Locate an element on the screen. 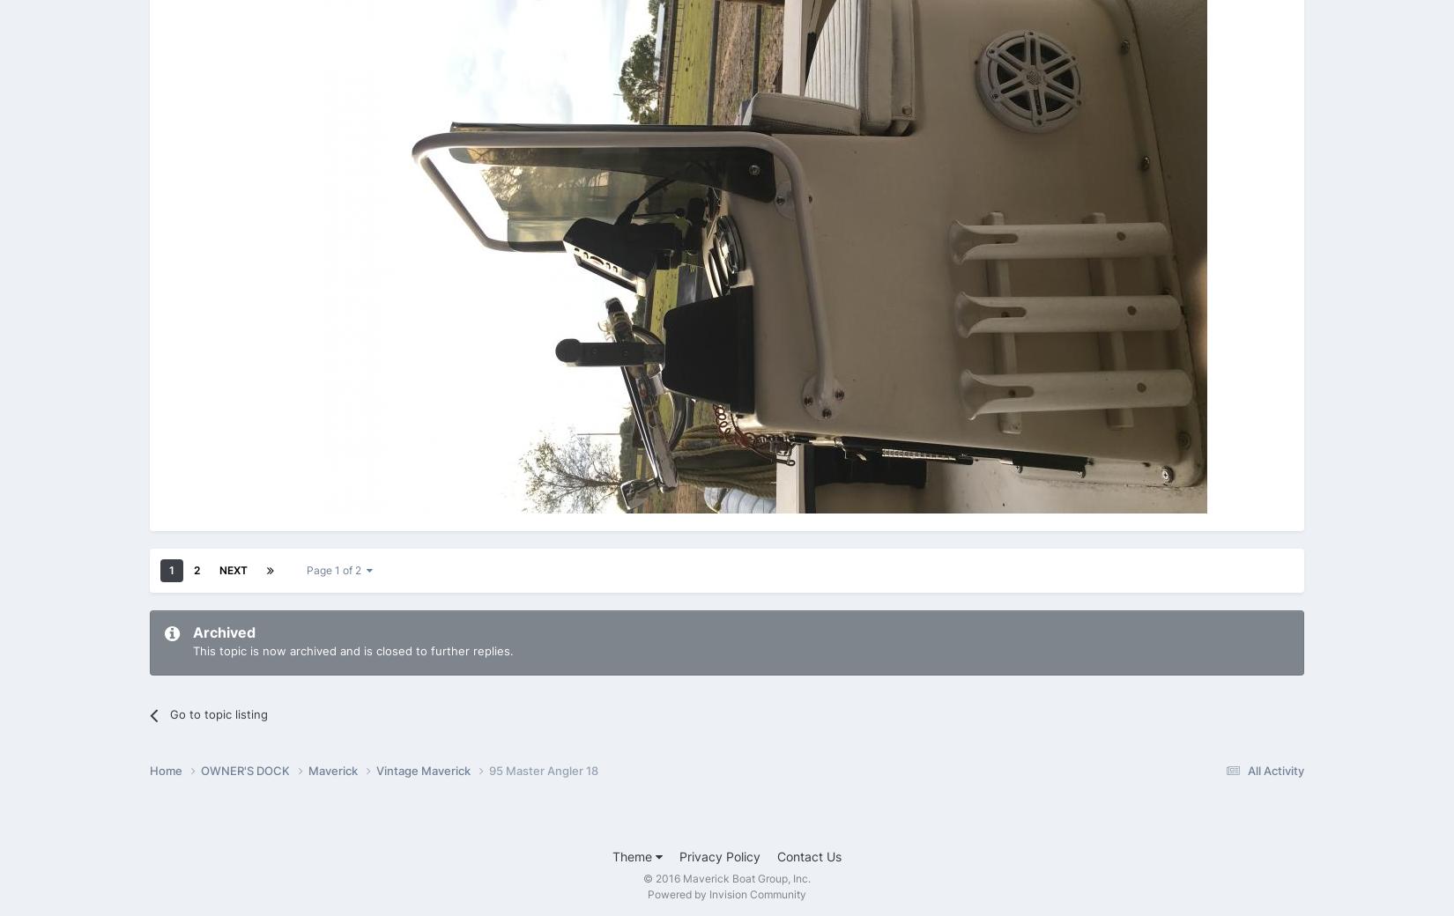 The image size is (1454, 916). 'Archived' is located at coordinates (224, 632).